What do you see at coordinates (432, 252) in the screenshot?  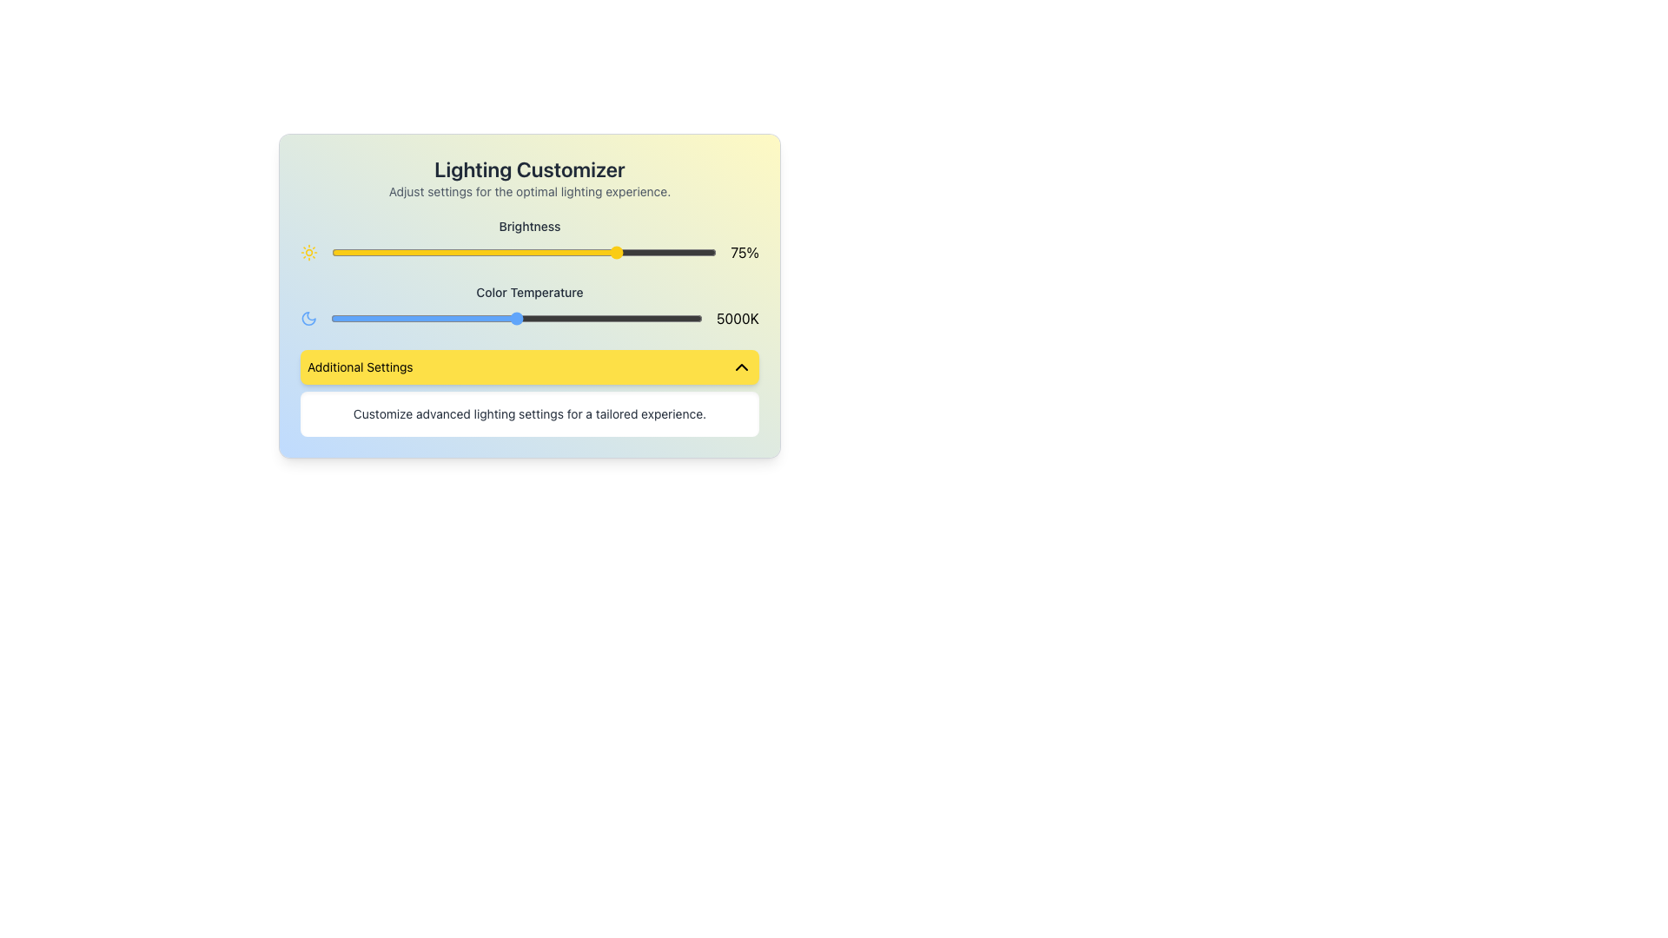 I see `the brightness level` at bounding box center [432, 252].